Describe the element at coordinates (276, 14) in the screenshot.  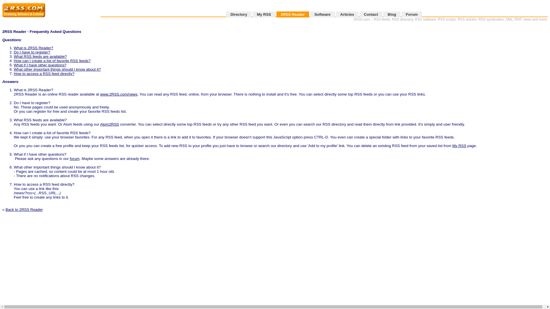
I see `'2RSS Reader'` at that location.